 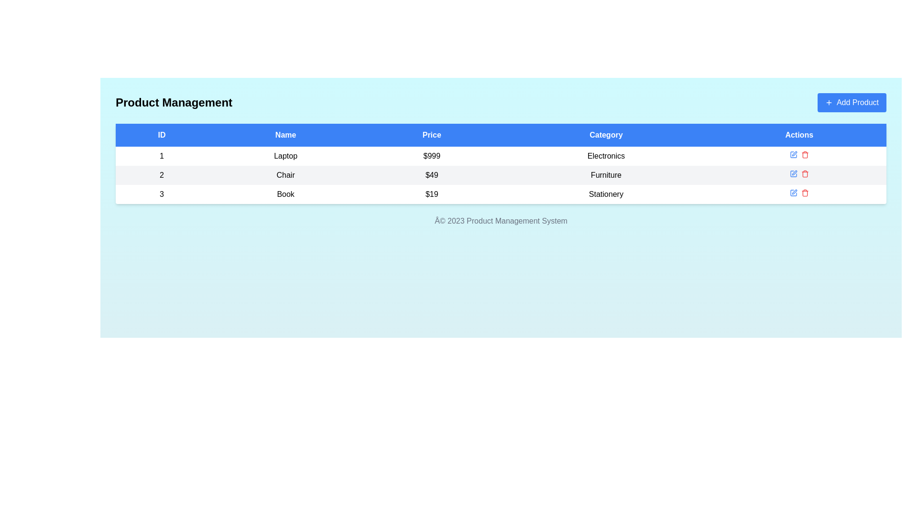 What do you see at coordinates (162, 175) in the screenshot?
I see `the table cell located in the second row and first column under 'ID'` at bounding box center [162, 175].